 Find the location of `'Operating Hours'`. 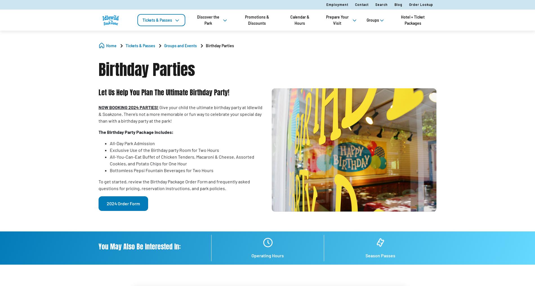

'Operating Hours' is located at coordinates (267, 255).